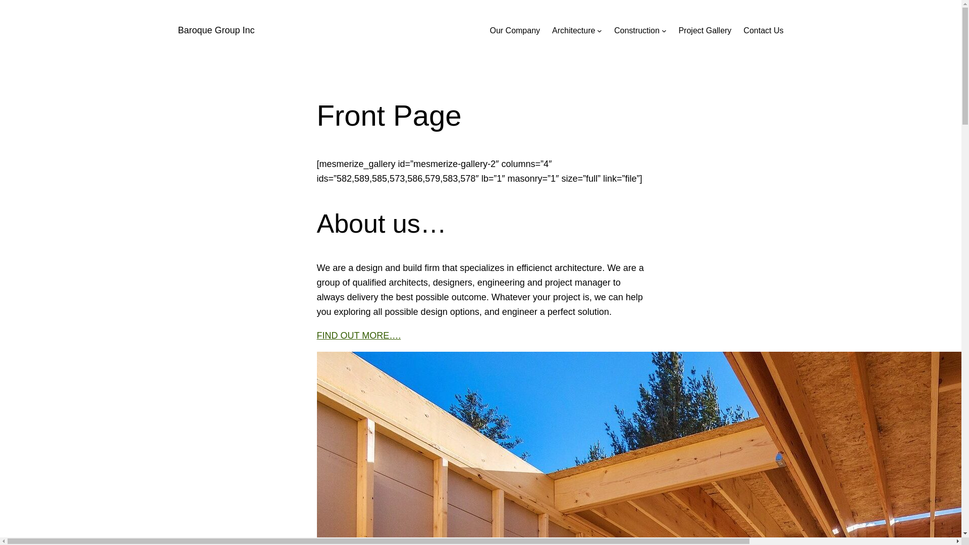 The height and width of the screenshot is (545, 969). What do you see at coordinates (636, 30) in the screenshot?
I see `'Construction'` at bounding box center [636, 30].